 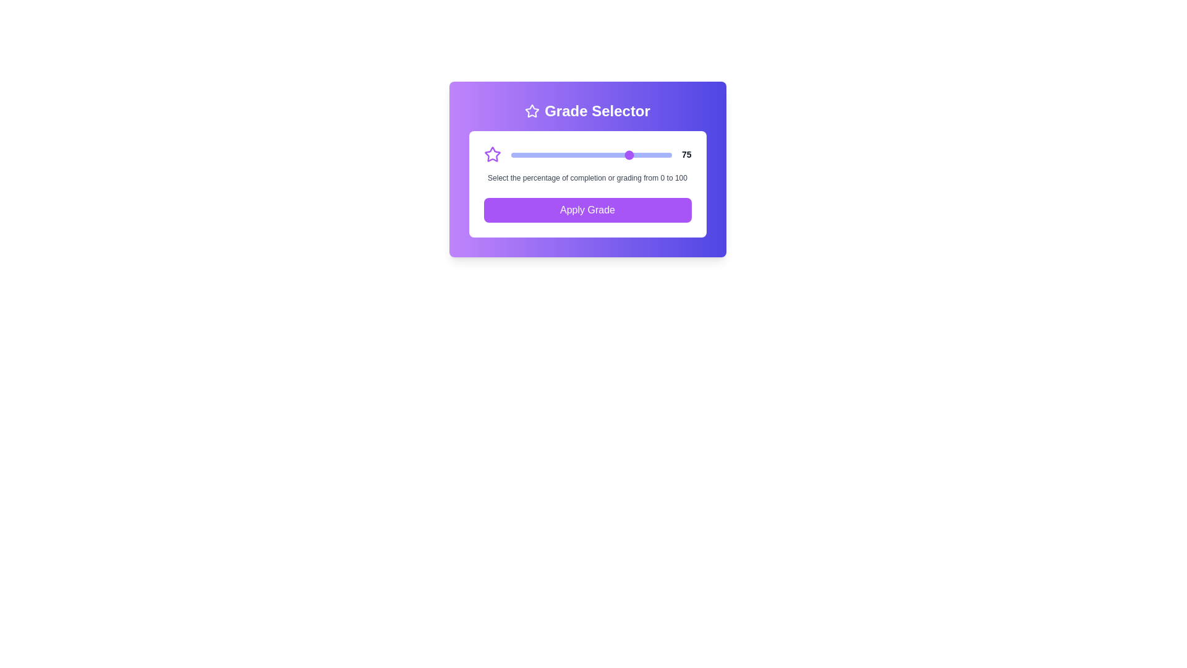 What do you see at coordinates (541, 154) in the screenshot?
I see `the slider` at bounding box center [541, 154].